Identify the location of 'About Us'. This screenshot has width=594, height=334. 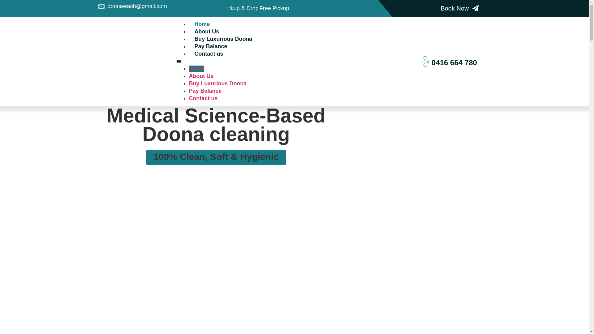
(201, 76).